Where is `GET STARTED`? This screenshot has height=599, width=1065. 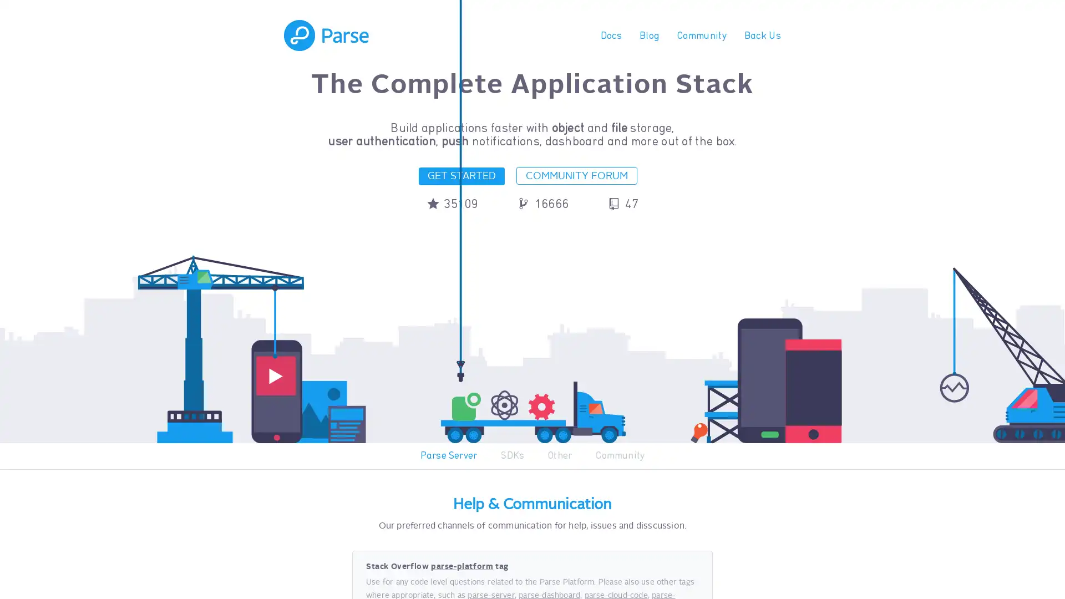
GET STARTED is located at coordinates (461, 175).